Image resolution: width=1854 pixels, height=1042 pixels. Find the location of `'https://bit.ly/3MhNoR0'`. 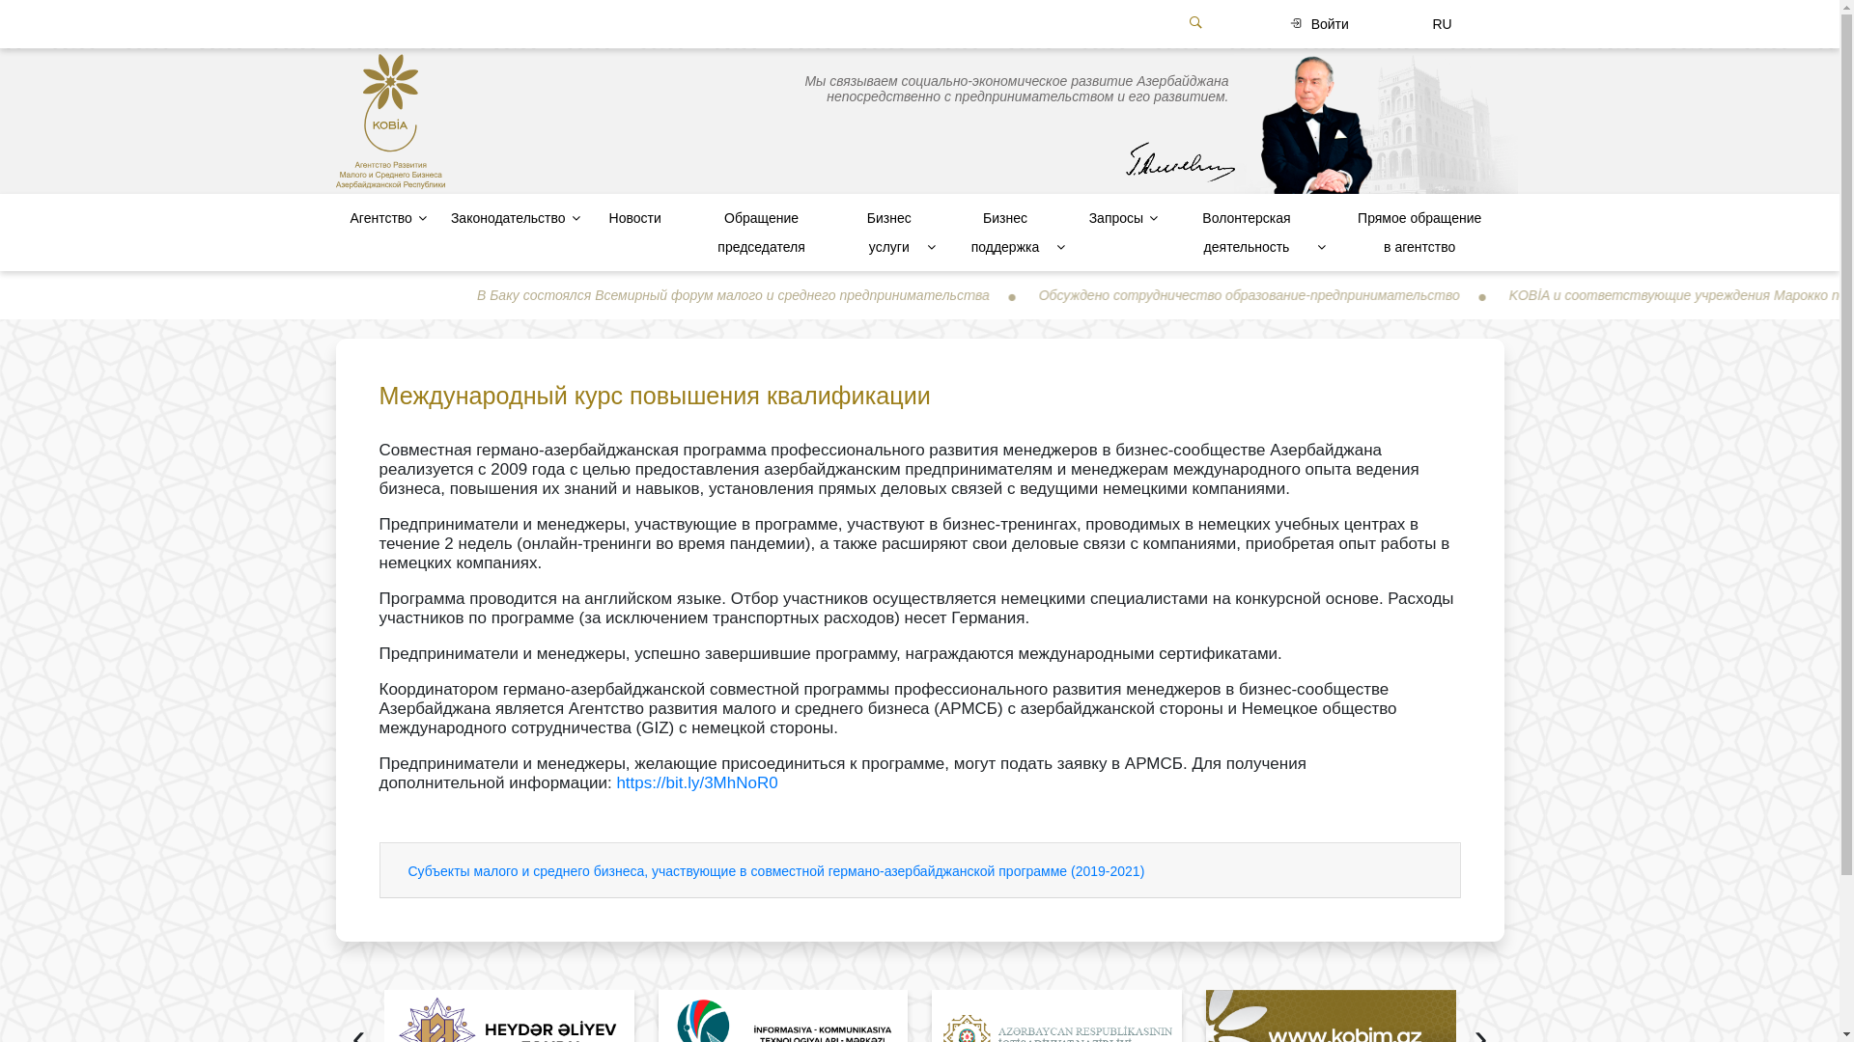

'https://bit.ly/3MhNoR0' is located at coordinates (695, 782).